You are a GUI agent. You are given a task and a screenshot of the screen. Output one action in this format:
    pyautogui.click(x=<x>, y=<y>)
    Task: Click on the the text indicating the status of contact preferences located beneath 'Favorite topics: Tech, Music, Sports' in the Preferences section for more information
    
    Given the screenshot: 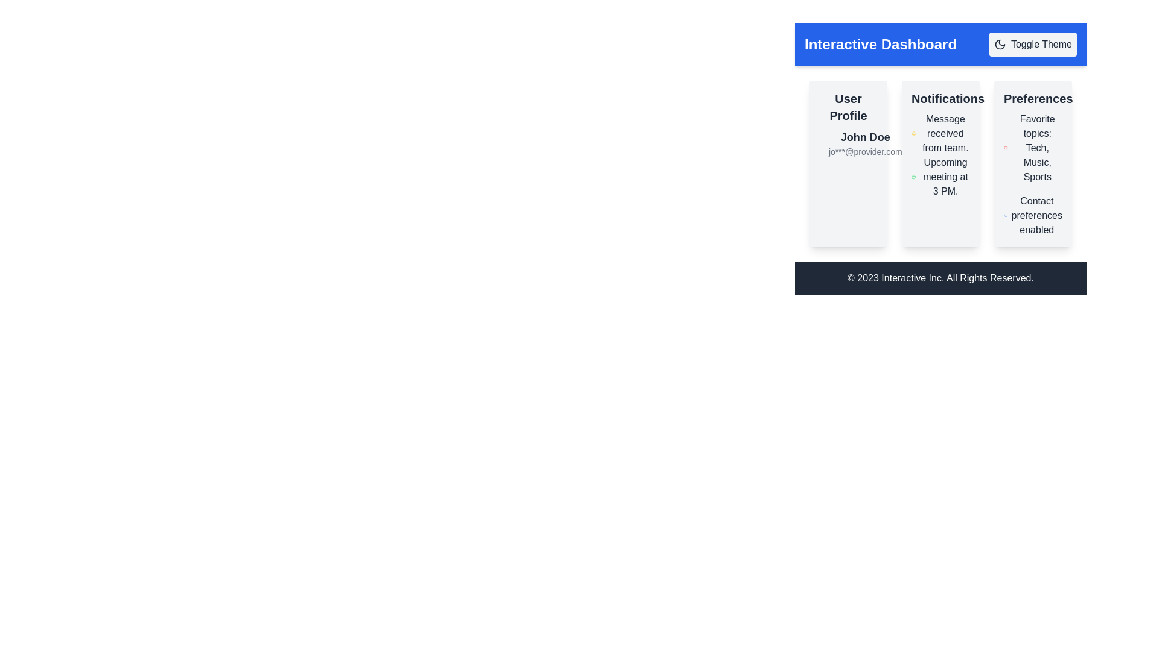 What is the action you would take?
    pyautogui.click(x=1032, y=215)
    